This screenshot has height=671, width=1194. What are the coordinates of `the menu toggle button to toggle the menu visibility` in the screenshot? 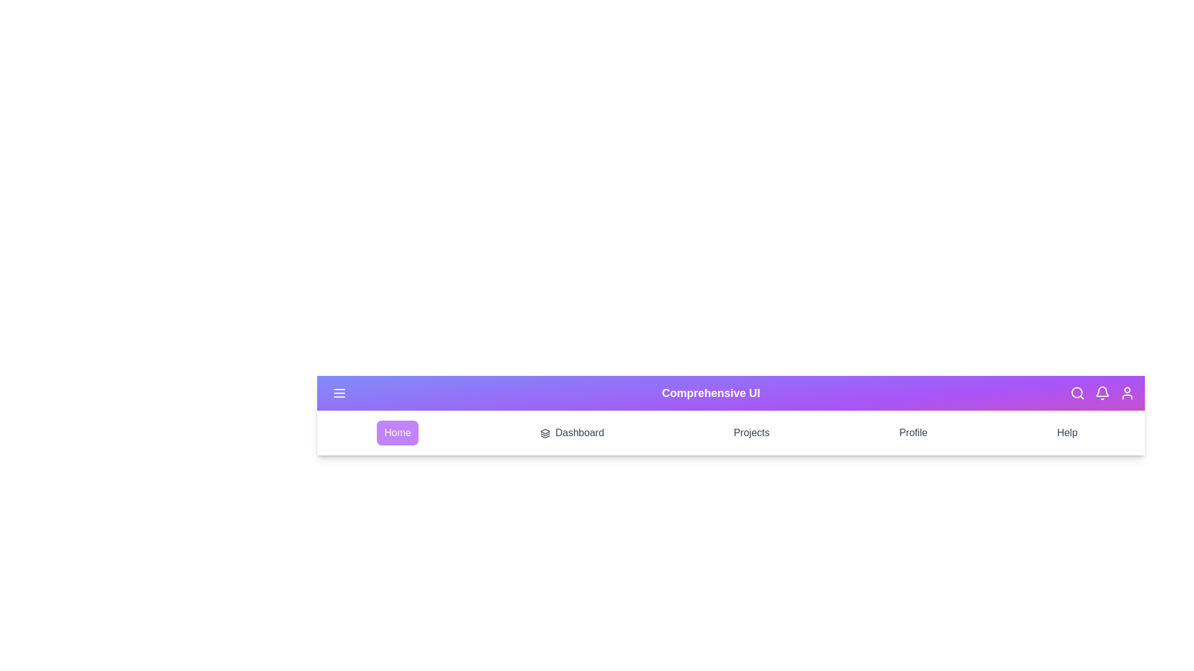 It's located at (340, 393).